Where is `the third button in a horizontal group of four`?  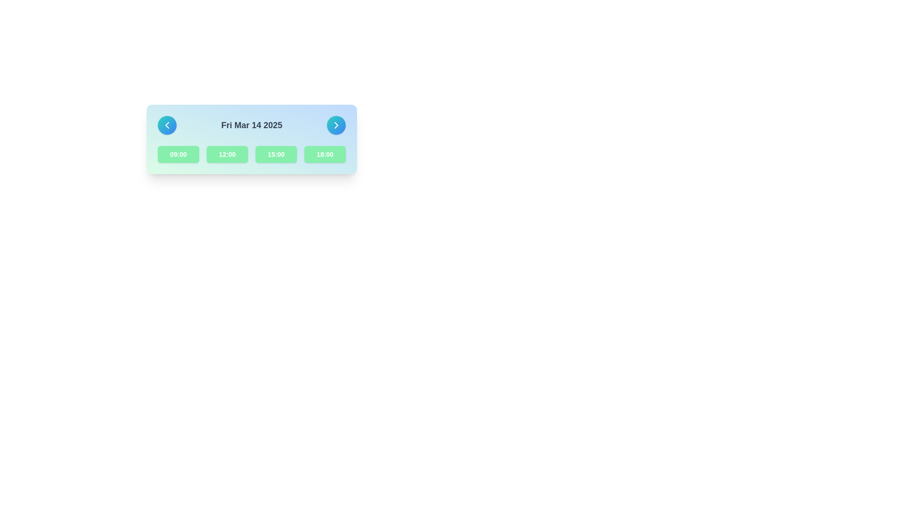
the third button in a horizontal group of four is located at coordinates (276, 154).